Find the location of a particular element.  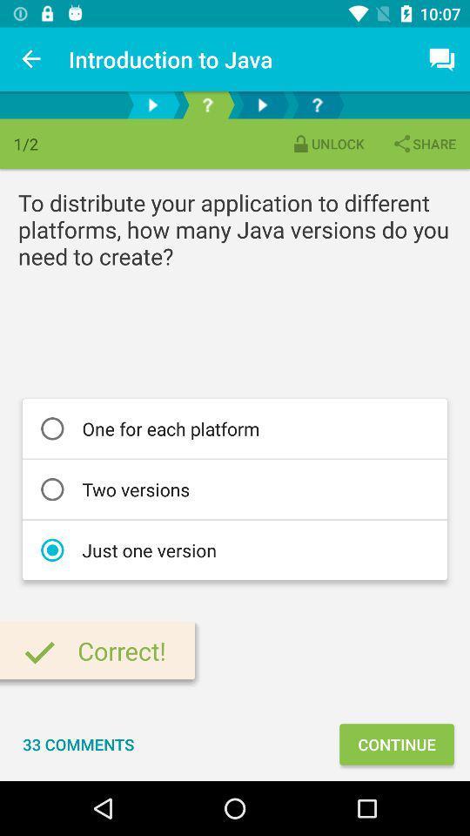

the play icon is located at coordinates (261, 104).